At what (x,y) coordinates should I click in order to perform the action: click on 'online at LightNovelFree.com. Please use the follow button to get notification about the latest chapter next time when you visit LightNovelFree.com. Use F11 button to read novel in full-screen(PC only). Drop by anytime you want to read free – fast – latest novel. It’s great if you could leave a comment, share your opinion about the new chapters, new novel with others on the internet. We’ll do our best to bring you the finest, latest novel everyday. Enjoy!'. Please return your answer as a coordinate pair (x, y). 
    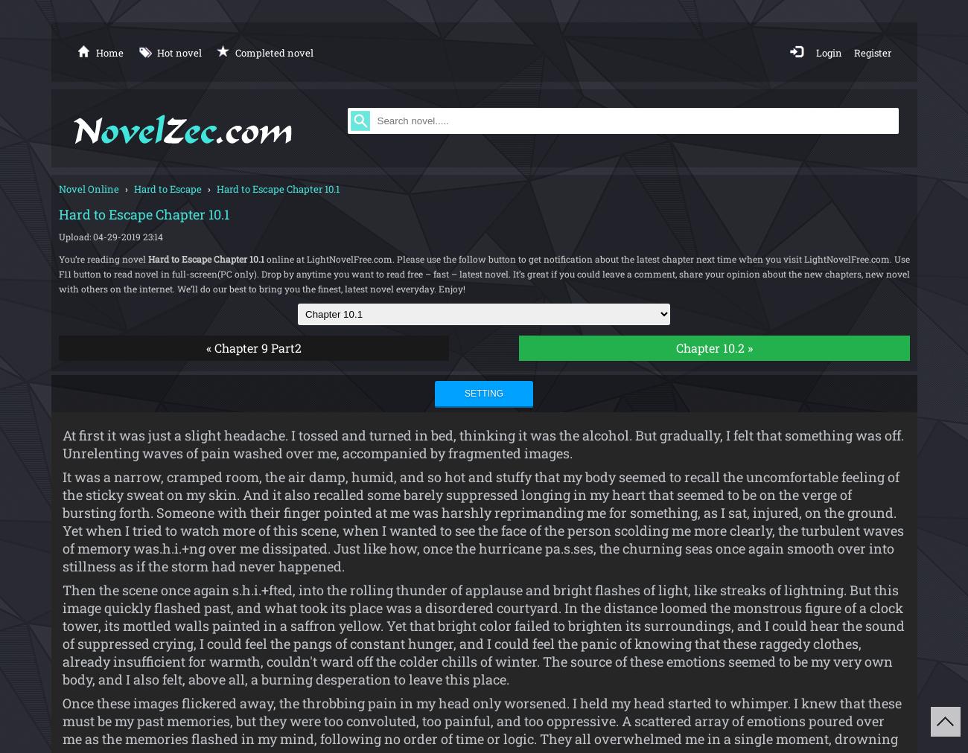
    Looking at the image, I should click on (483, 272).